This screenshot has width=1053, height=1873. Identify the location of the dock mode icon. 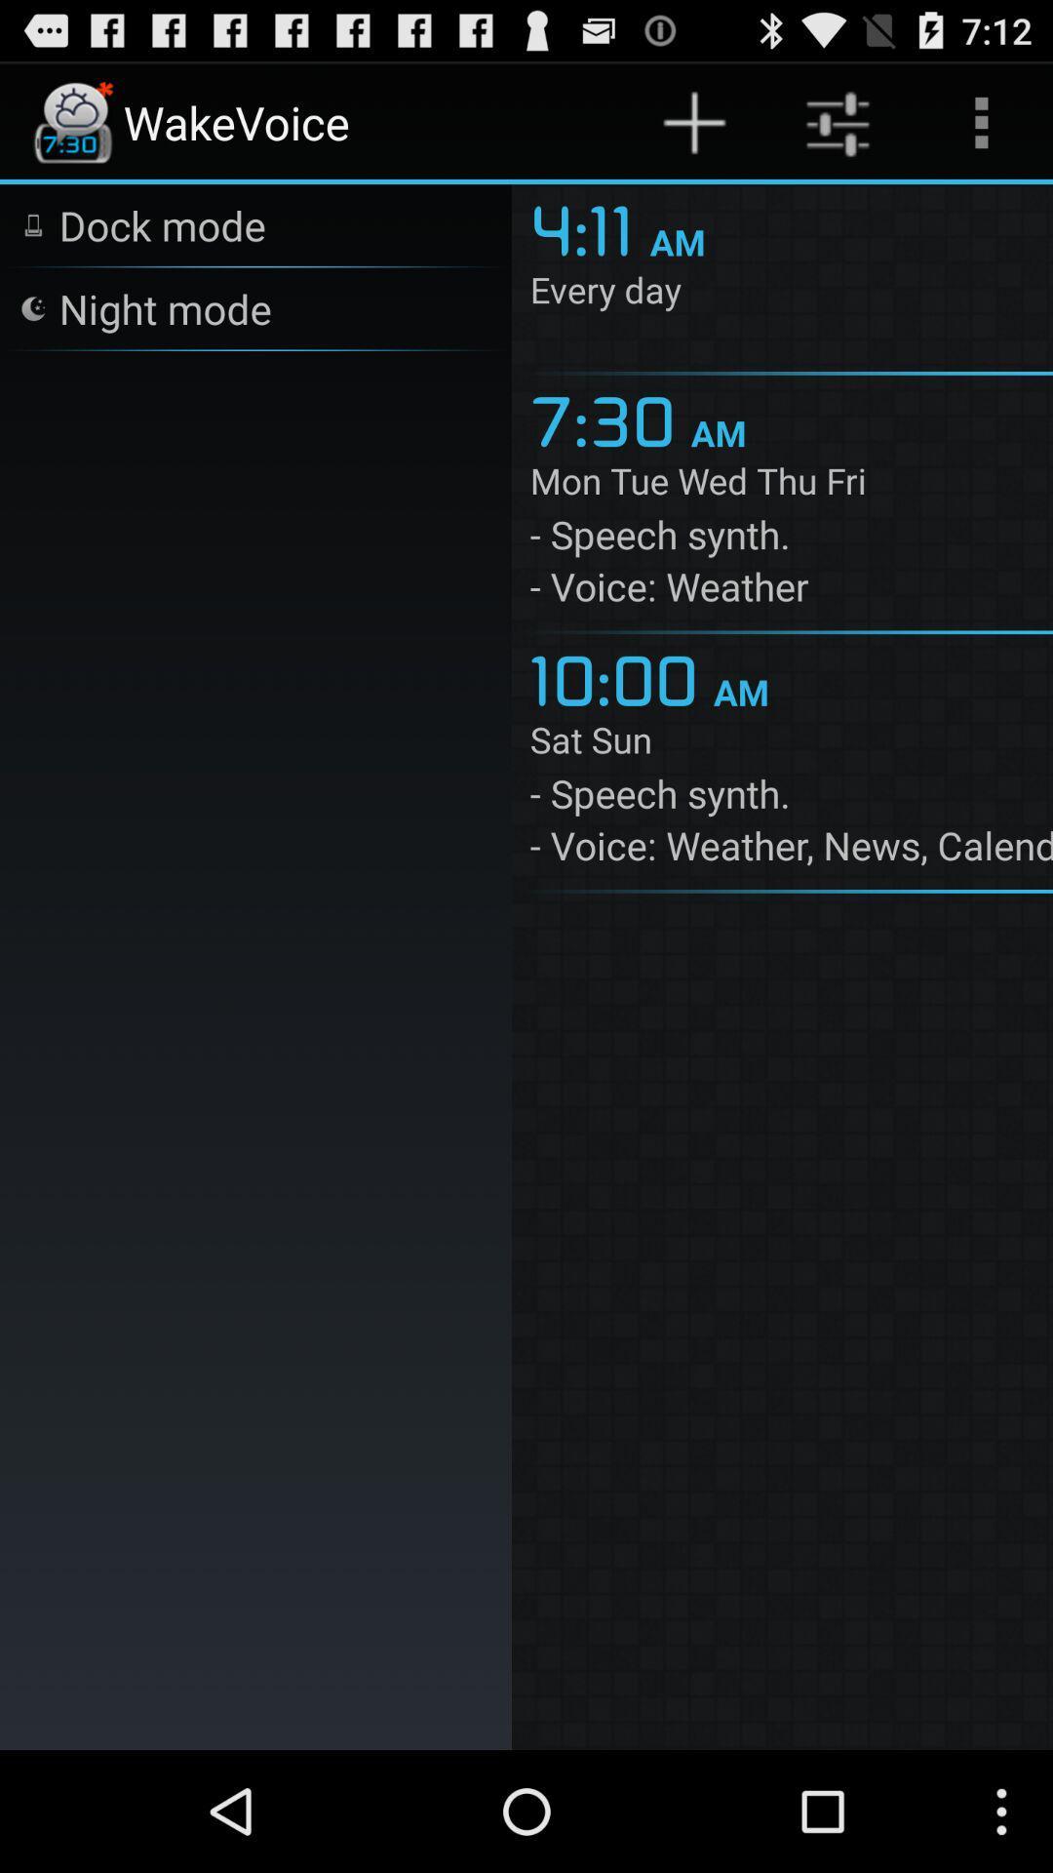
(161, 224).